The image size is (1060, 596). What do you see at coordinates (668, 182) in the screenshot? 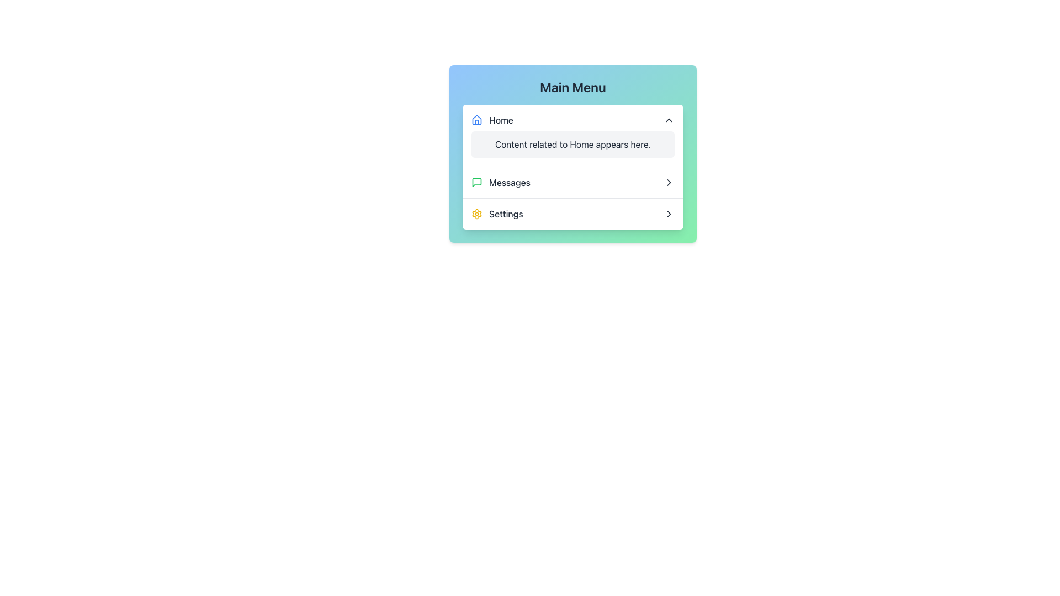
I see `the rightward indicator icon located on the far right side of the 'Messages' row` at bounding box center [668, 182].